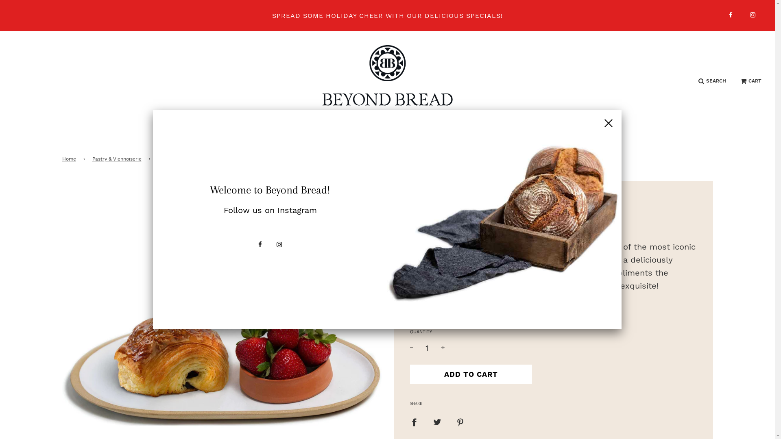  Describe the element at coordinates (579, 135) in the screenshot. I see `'CONTACT US'` at that location.